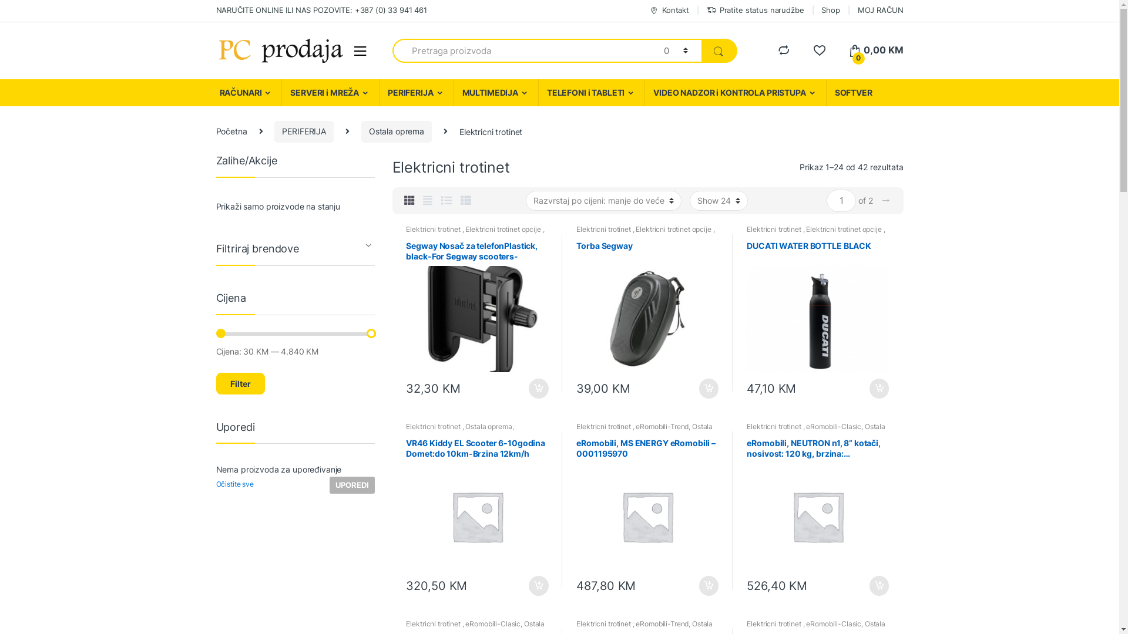 The height and width of the screenshot is (634, 1128). I want to click on 'eRomobili-Trend', so click(634, 426).